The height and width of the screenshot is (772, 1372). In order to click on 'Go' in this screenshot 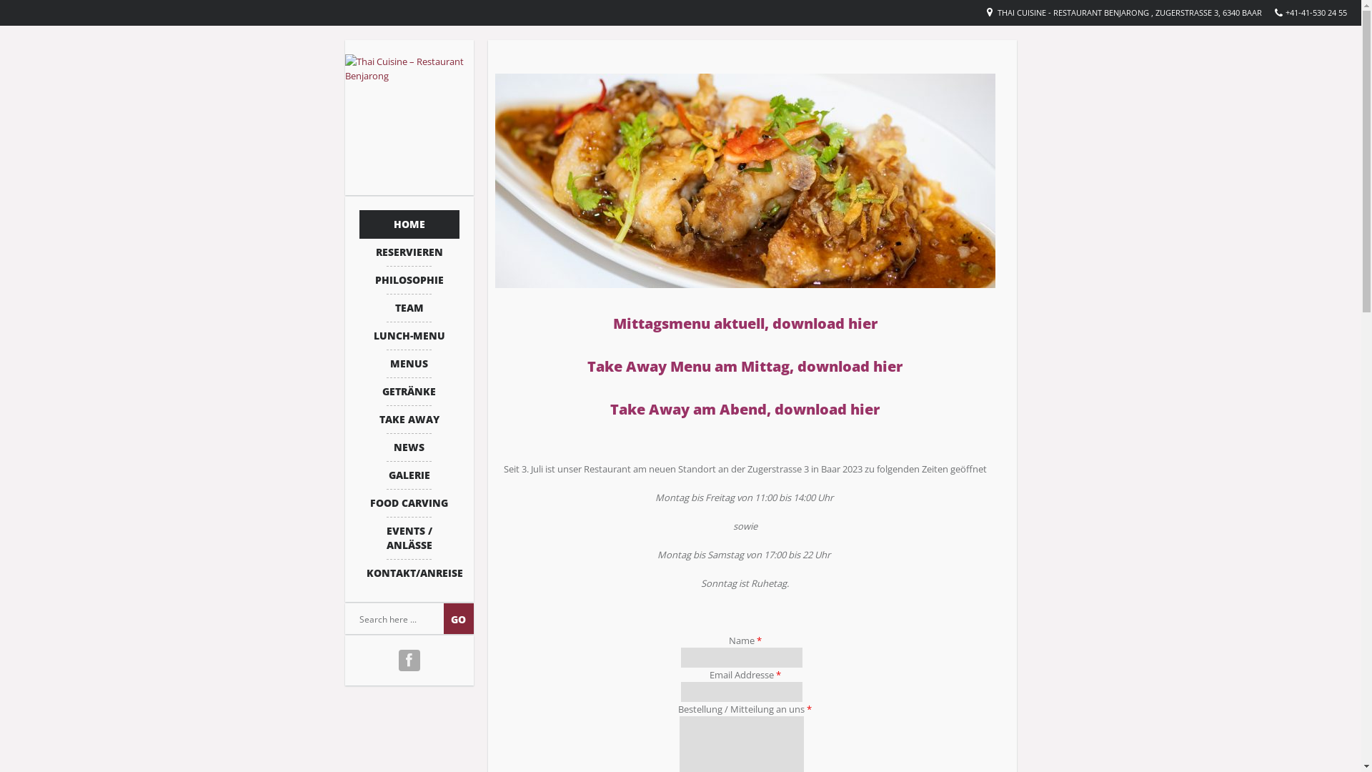, I will do `click(458, 618)`.